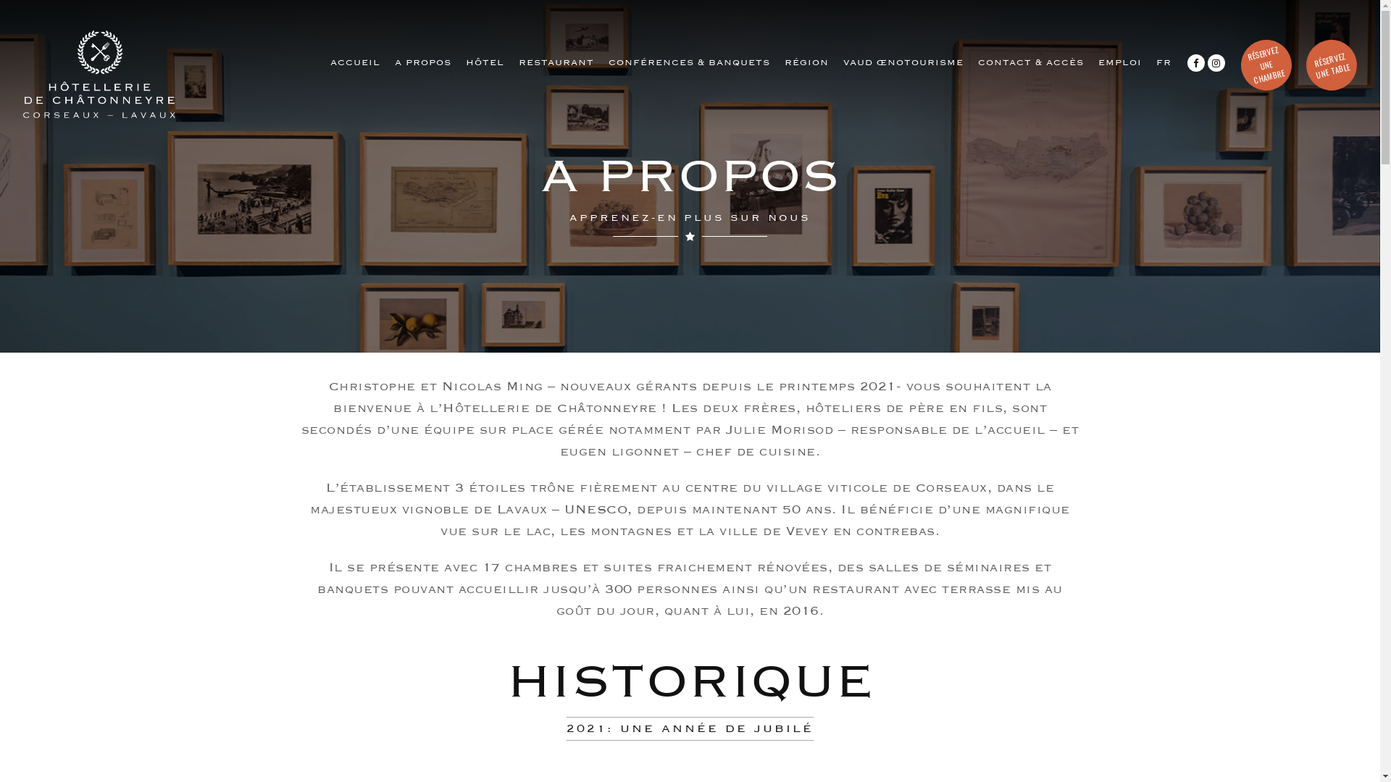 The height and width of the screenshot is (782, 1391). Describe the element at coordinates (355, 61) in the screenshot. I see `'ACCUEIL'` at that location.